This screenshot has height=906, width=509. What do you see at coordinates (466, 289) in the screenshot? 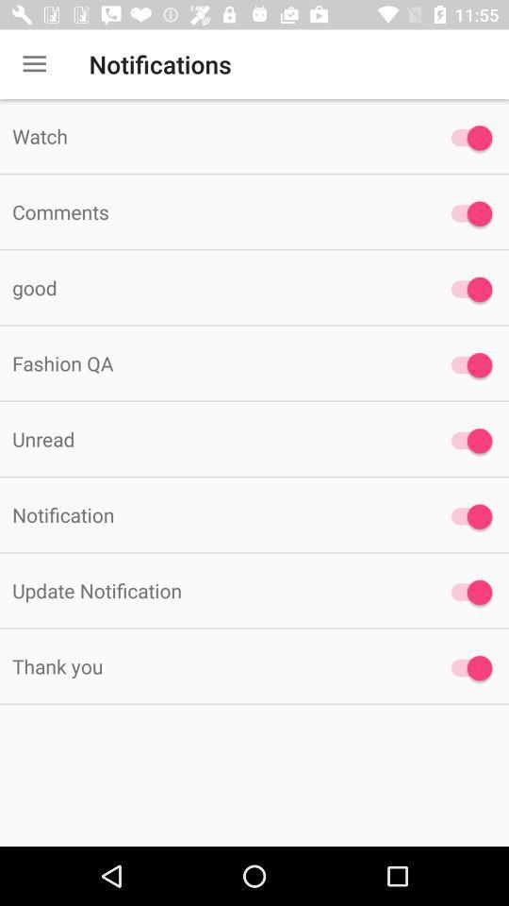
I see `the good option` at bounding box center [466, 289].